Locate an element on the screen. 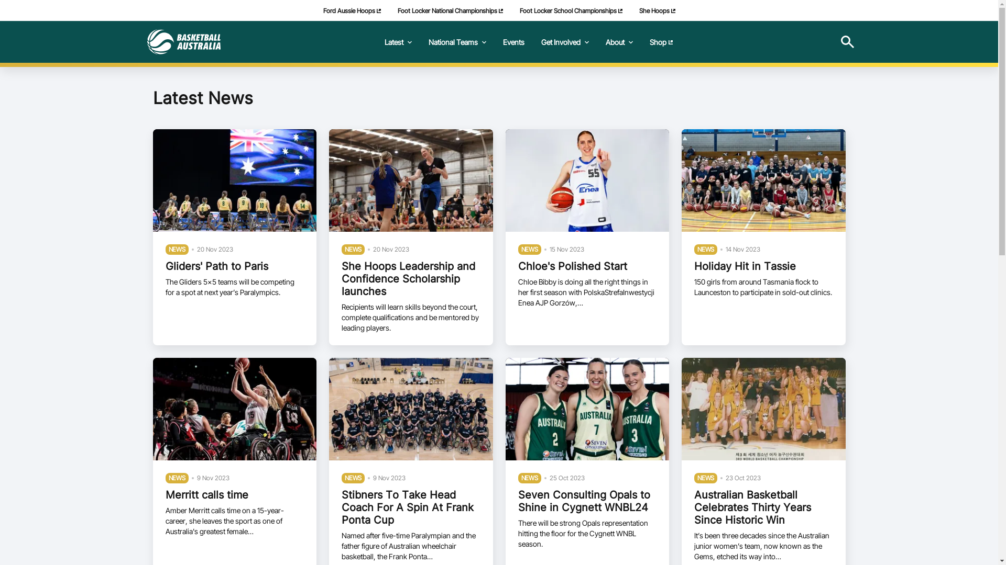  'Get Involved' is located at coordinates (564, 41).